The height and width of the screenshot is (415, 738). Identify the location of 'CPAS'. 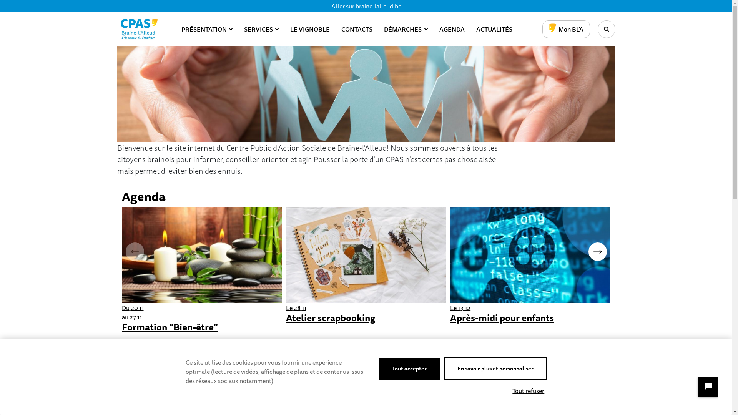
(139, 29).